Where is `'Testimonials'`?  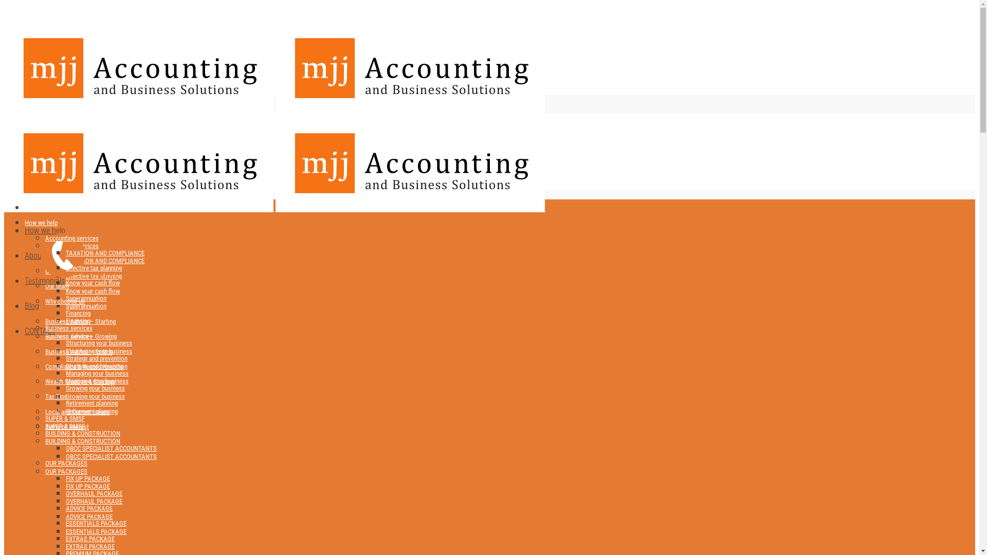
'Testimonials' is located at coordinates (25, 281).